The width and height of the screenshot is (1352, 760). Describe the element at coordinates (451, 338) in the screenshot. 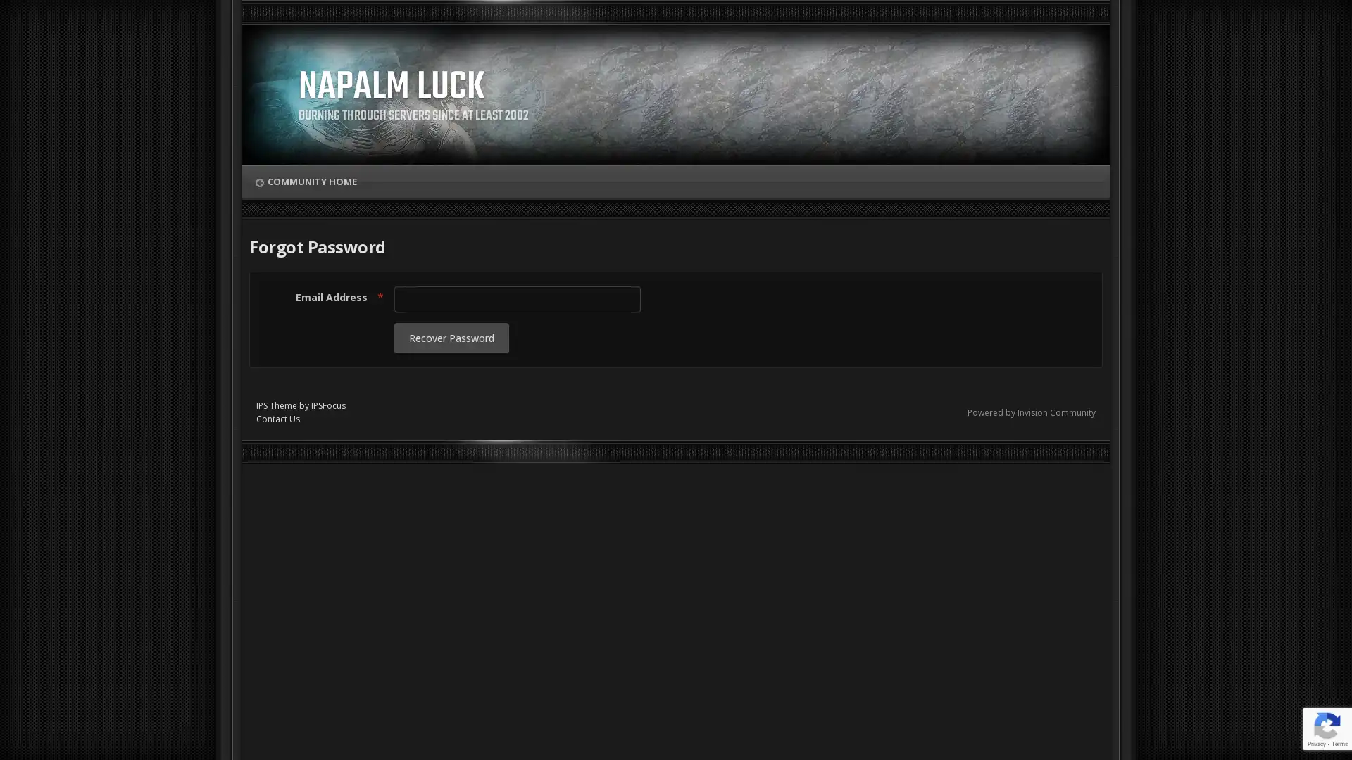

I see `Recover Password` at that location.